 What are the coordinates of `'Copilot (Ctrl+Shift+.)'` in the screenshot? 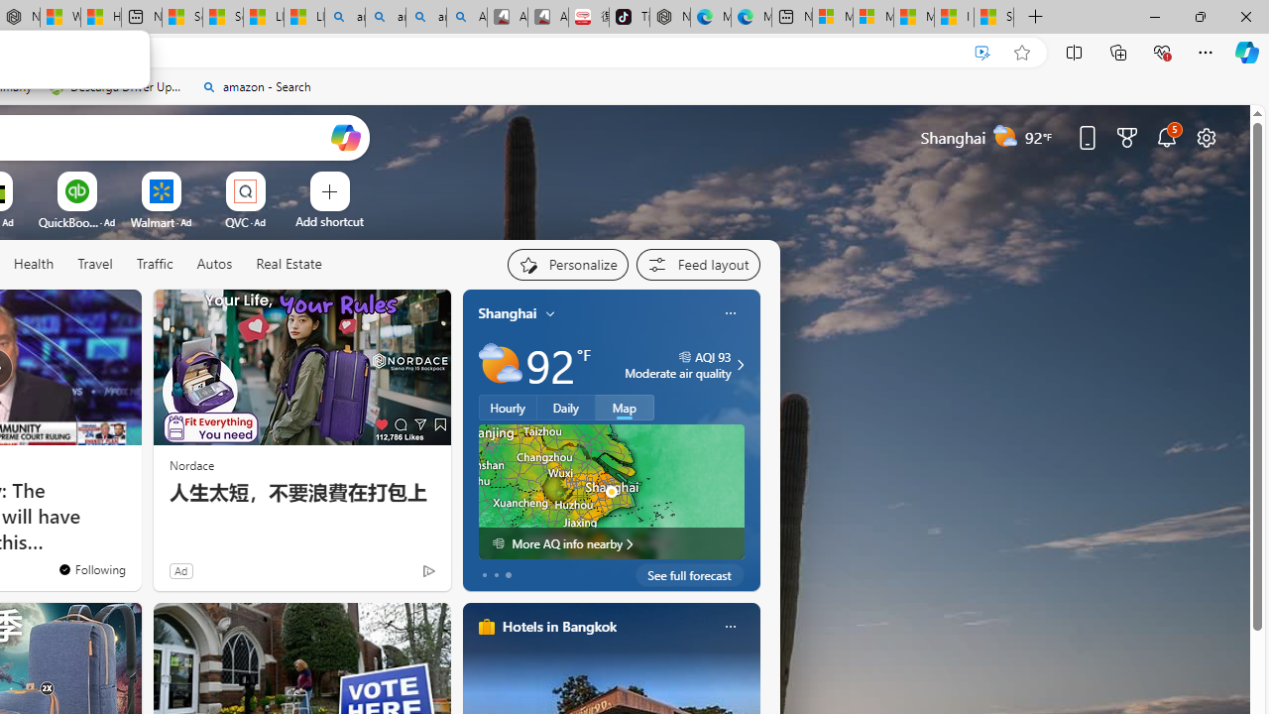 It's located at (1246, 51).